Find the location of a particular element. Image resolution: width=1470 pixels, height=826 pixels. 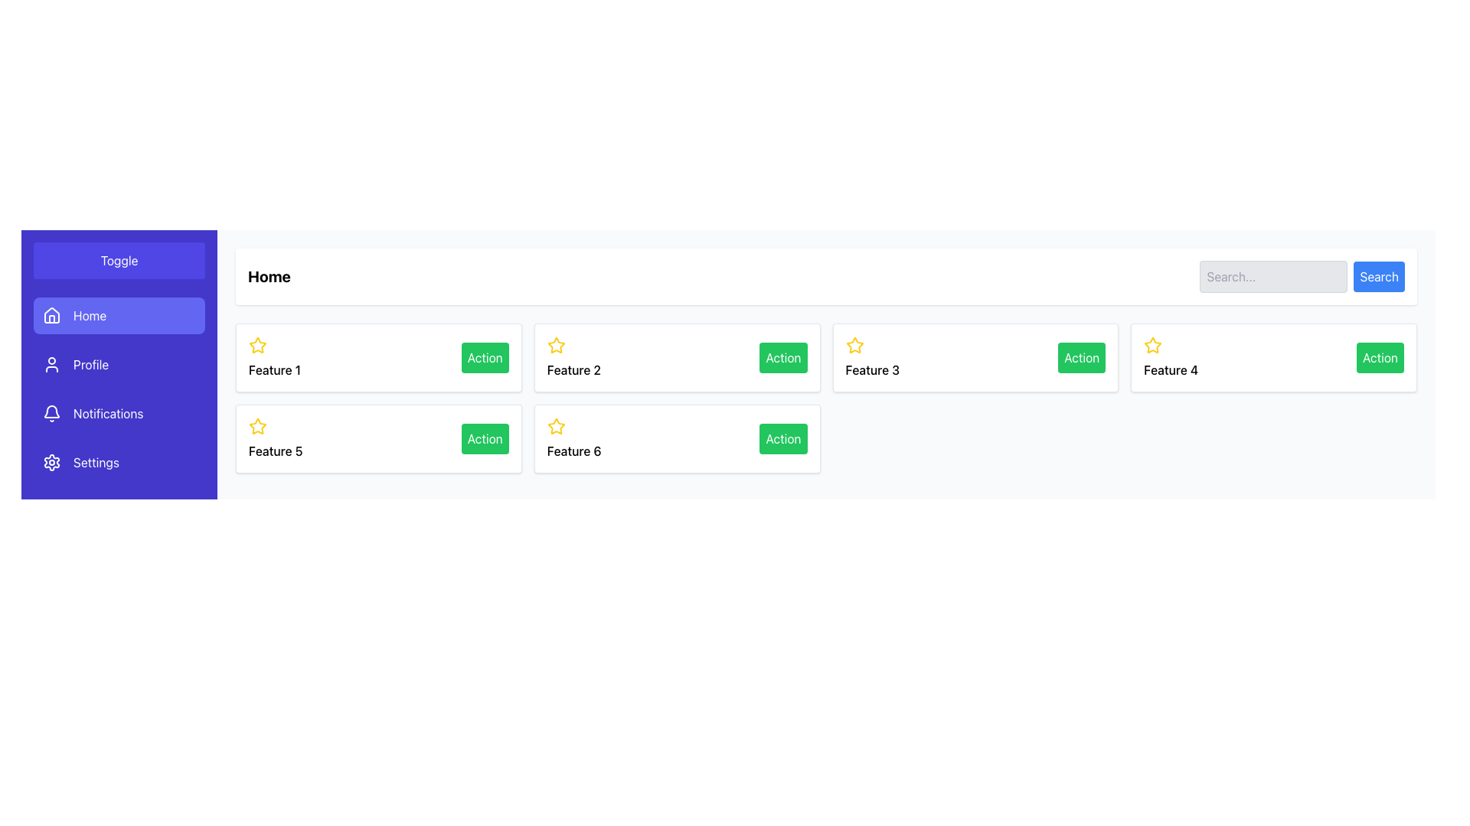

the text label that identifies 'Feature 4' in the grid layout, located at the fourth position is located at coordinates (1170, 369).